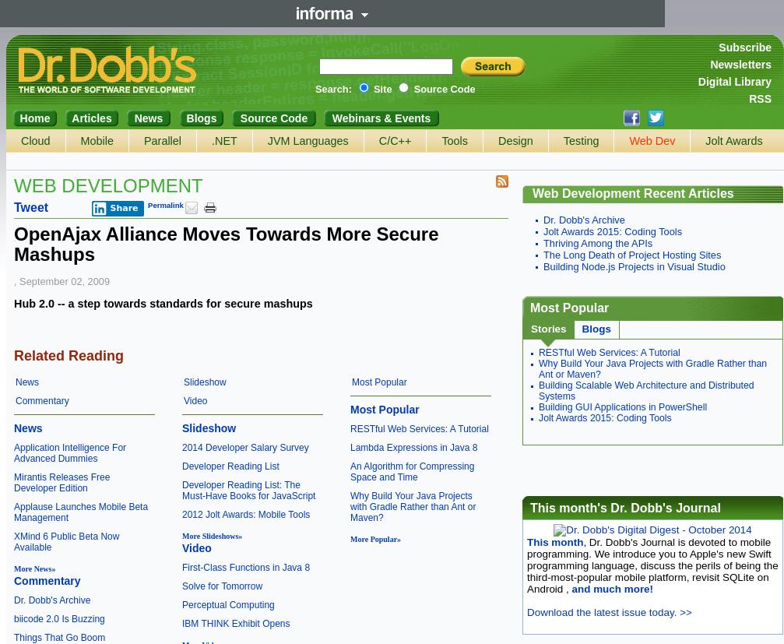 This screenshot has height=644, width=784. What do you see at coordinates (124, 208) in the screenshot?
I see `'Share'` at bounding box center [124, 208].